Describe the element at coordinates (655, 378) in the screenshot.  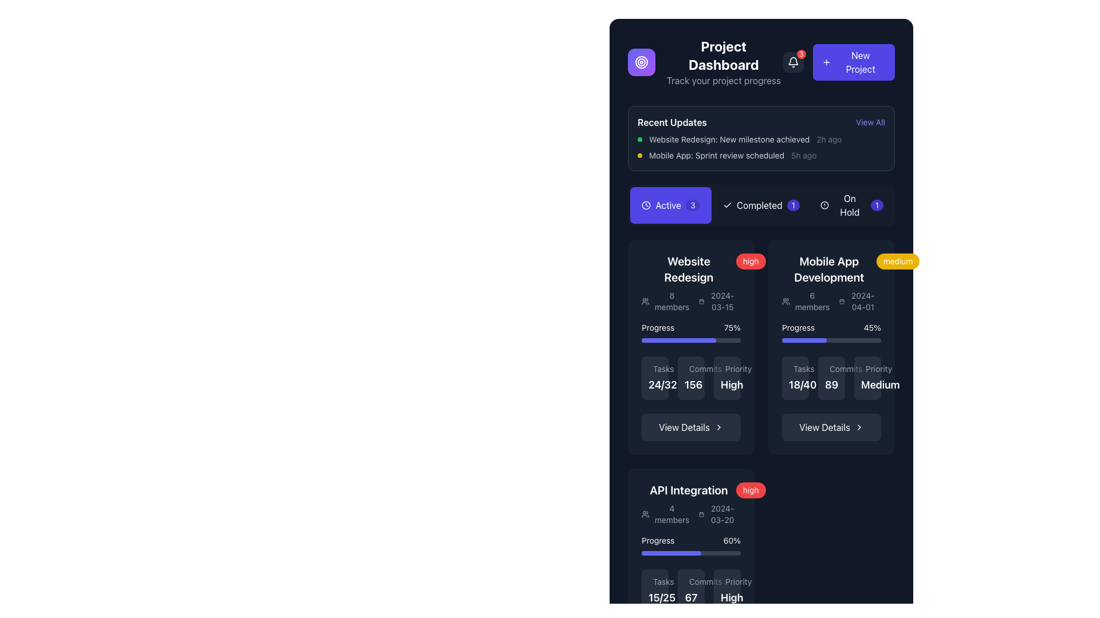
I see `the informative label displaying the task ratio '24/32' within the 'Website Redesign' tab, which is the first card in a group of three cards` at that location.